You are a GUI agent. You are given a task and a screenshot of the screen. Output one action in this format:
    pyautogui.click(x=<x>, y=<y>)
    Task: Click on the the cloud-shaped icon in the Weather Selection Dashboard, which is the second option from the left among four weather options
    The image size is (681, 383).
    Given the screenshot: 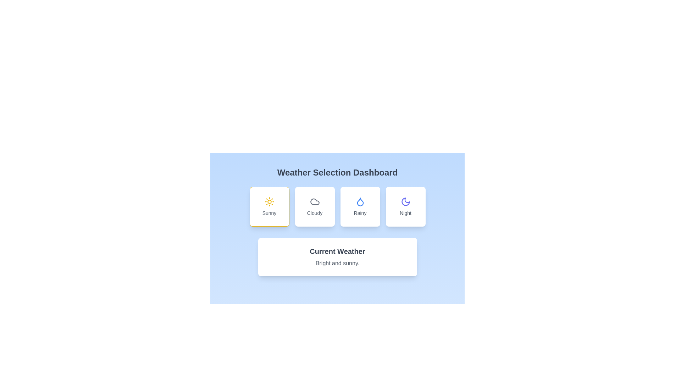 What is the action you would take?
    pyautogui.click(x=314, y=202)
    